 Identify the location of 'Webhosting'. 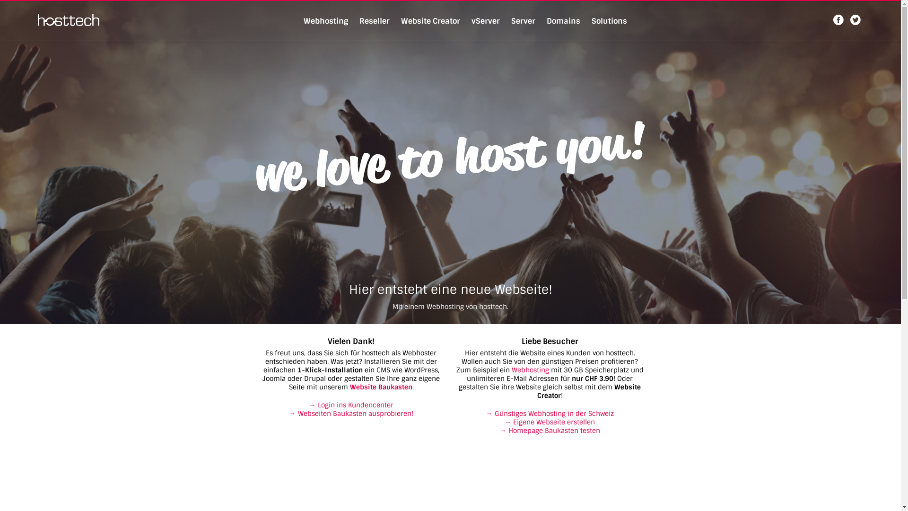
(326, 21).